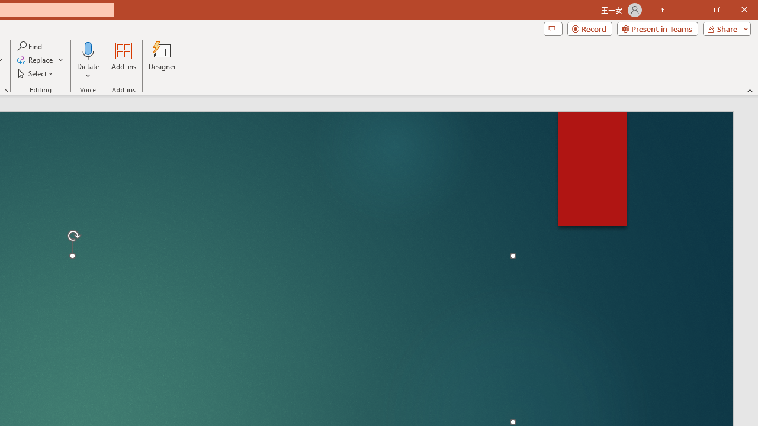 This screenshot has width=758, height=426. What do you see at coordinates (30, 46) in the screenshot?
I see `'Find...'` at bounding box center [30, 46].